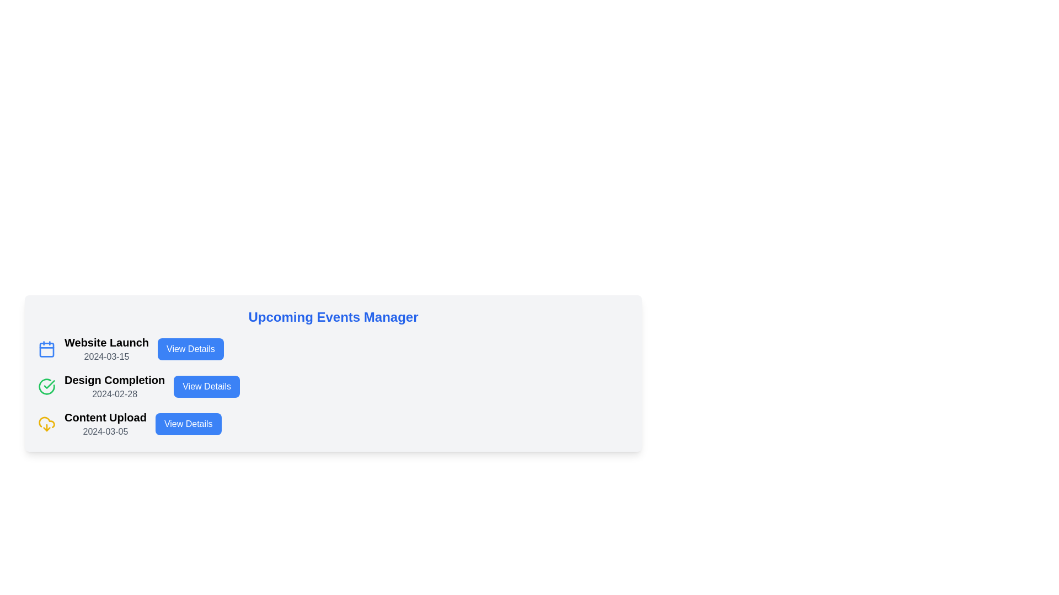  I want to click on the button located at the far right of the row labeled 'Design Completion 2024-02-28', so click(206, 386).